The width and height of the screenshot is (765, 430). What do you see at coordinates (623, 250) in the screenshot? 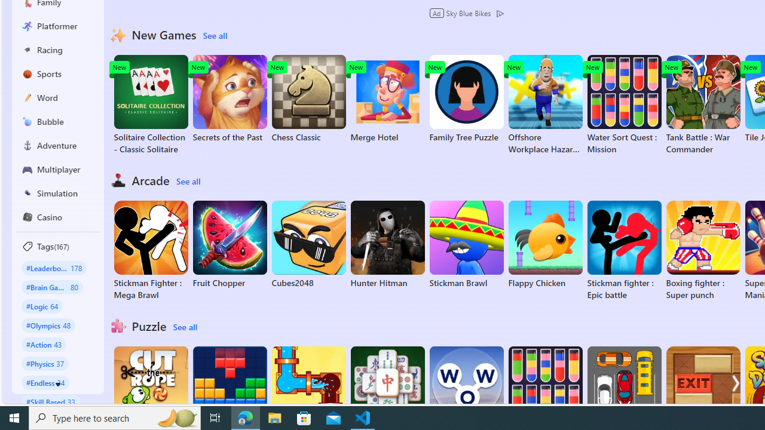
I see `'Stickman fighter : Epic battle'` at bounding box center [623, 250].